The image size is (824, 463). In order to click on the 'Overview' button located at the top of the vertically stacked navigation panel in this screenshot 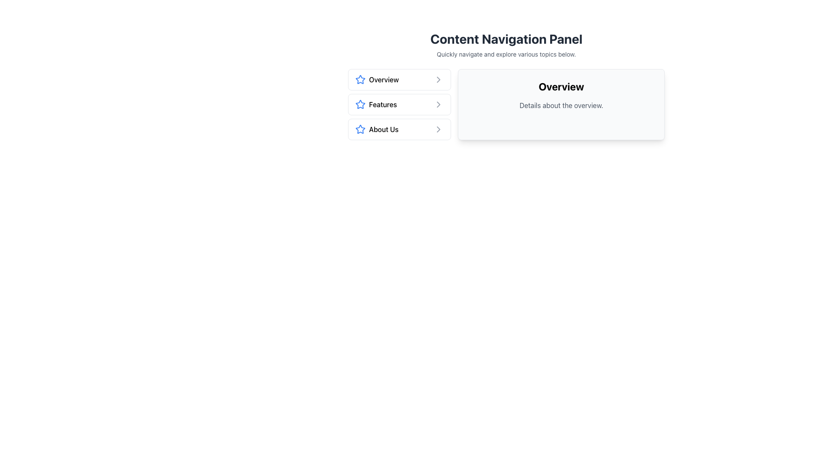, I will do `click(399, 79)`.